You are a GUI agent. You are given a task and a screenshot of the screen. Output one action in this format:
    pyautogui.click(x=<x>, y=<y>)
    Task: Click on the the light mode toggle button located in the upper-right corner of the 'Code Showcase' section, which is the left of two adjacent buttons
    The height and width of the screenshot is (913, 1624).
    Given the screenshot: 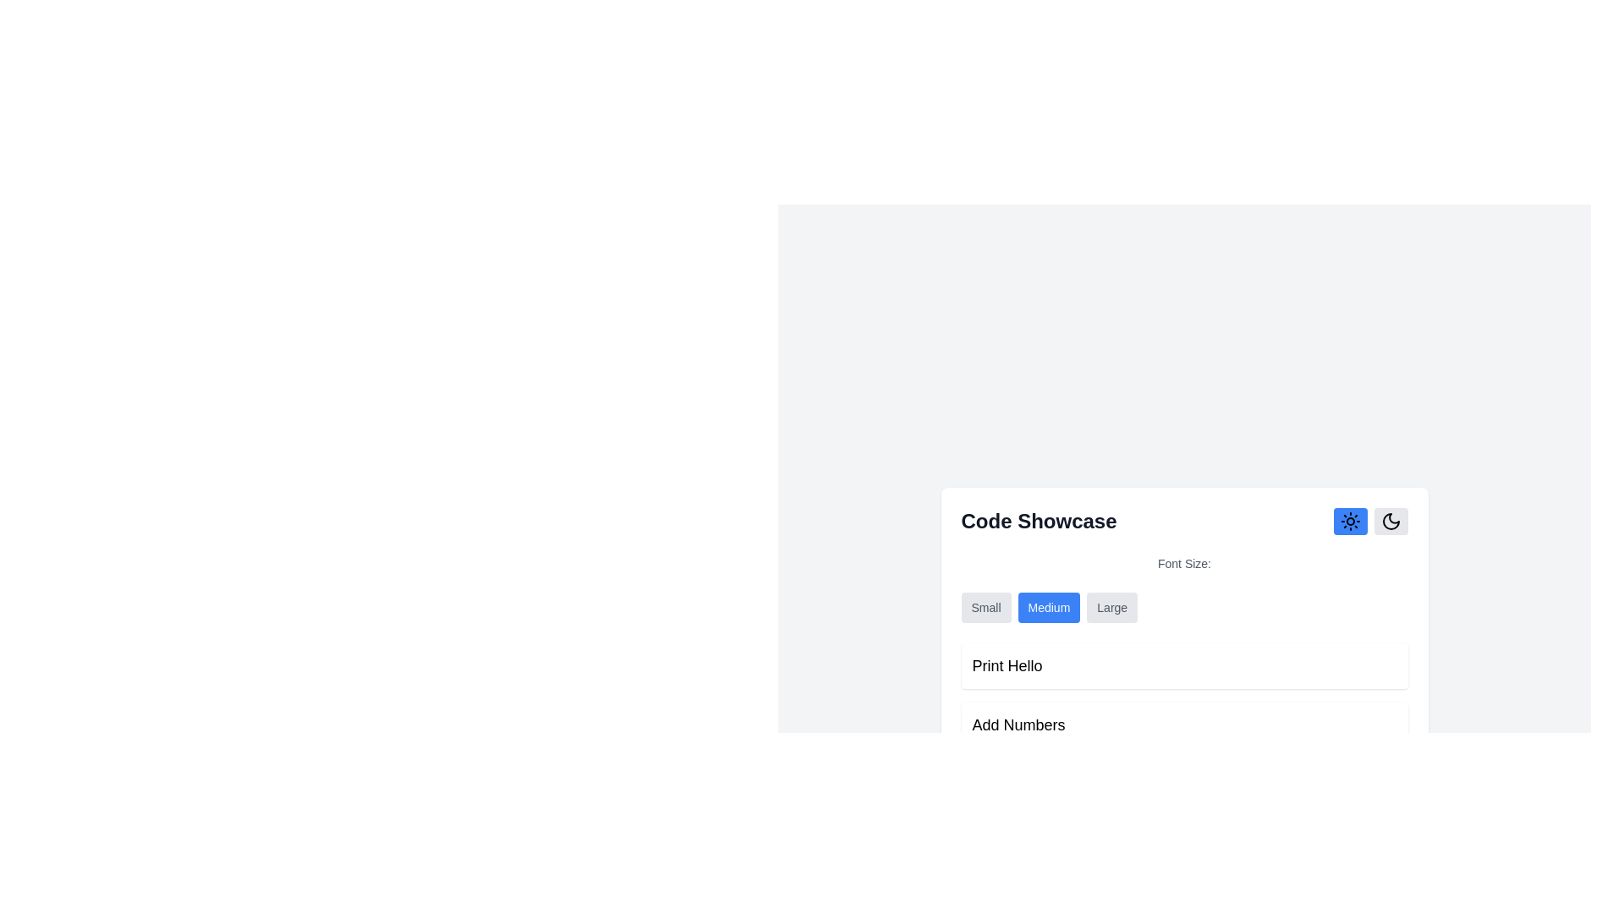 What is the action you would take?
    pyautogui.click(x=1349, y=521)
    